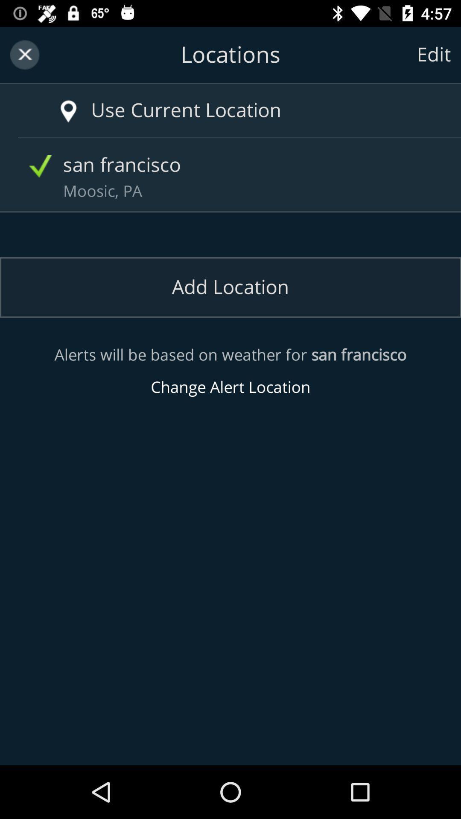 The height and width of the screenshot is (819, 461). I want to click on the item below add location icon, so click(230, 371).